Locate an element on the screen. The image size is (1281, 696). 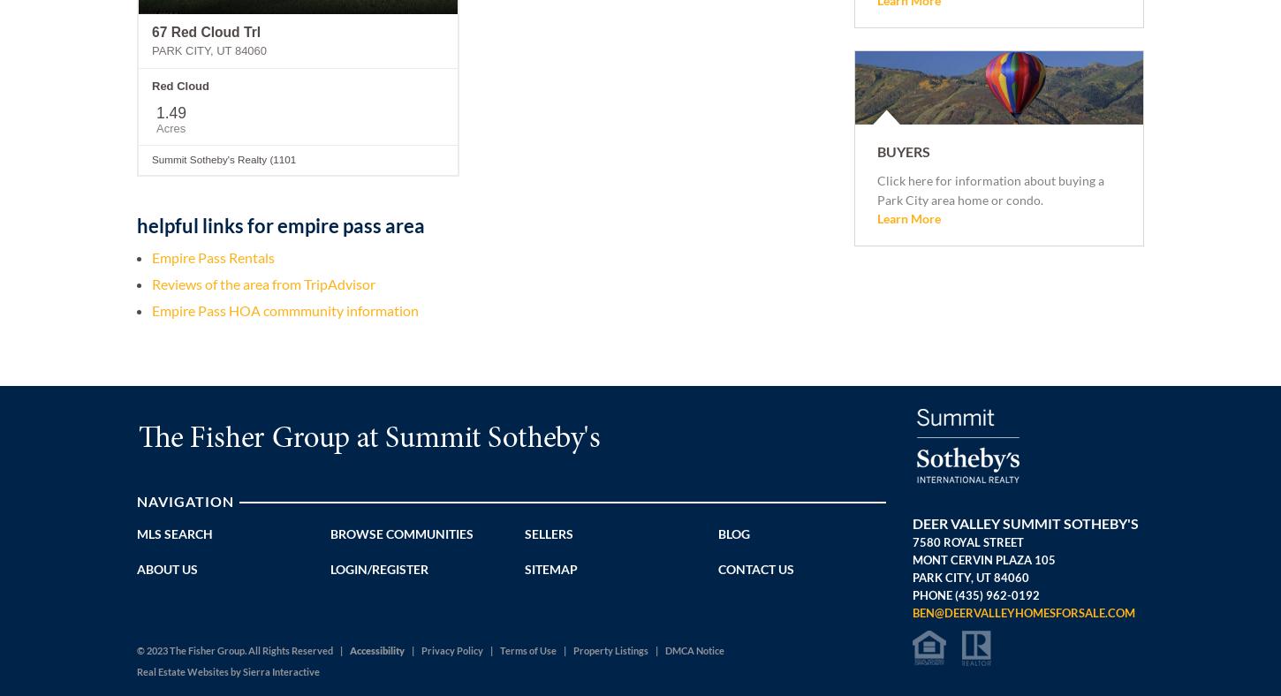
'1.49' is located at coordinates (171, 112).